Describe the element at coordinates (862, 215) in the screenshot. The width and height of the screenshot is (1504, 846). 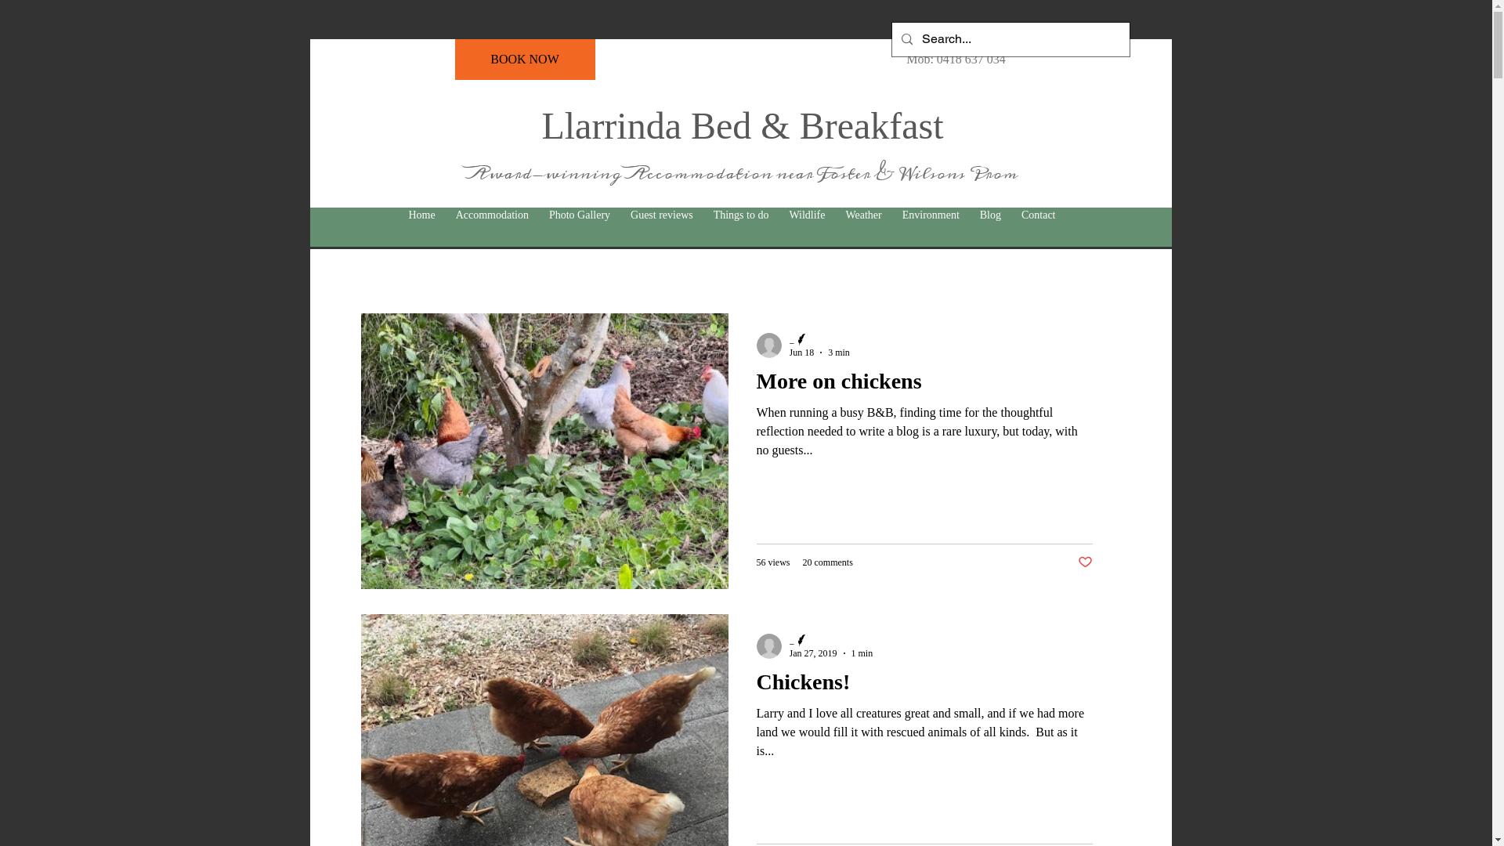
I see `'Weather'` at that location.